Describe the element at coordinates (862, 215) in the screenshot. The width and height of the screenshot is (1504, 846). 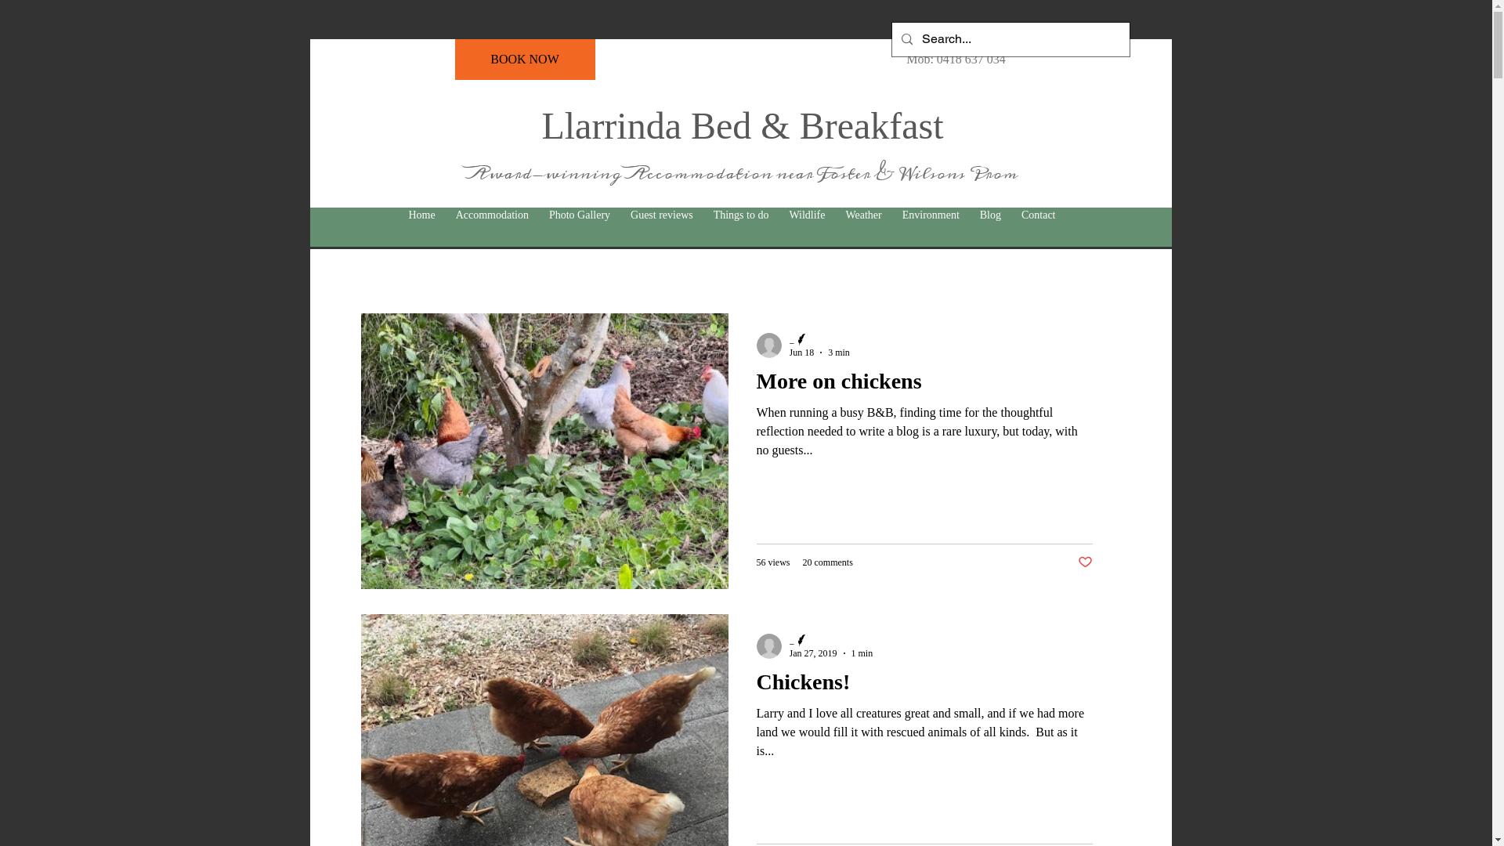
I see `'Weather'` at that location.